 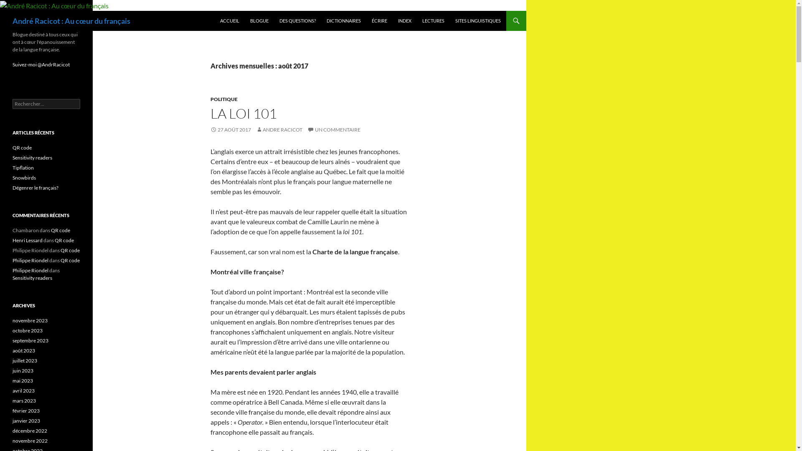 What do you see at coordinates (23, 5) in the screenshot?
I see `'Rechercher'` at bounding box center [23, 5].